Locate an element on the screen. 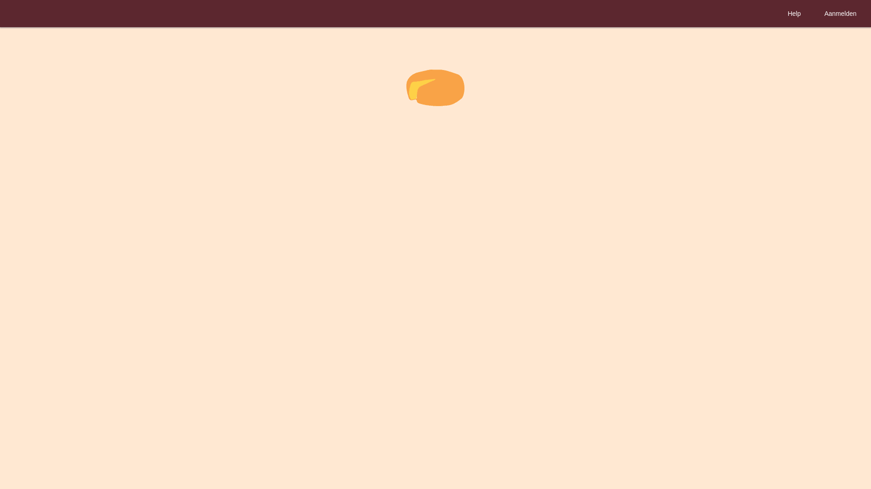 Image resolution: width=871 pixels, height=489 pixels. 'Help' is located at coordinates (793, 14).